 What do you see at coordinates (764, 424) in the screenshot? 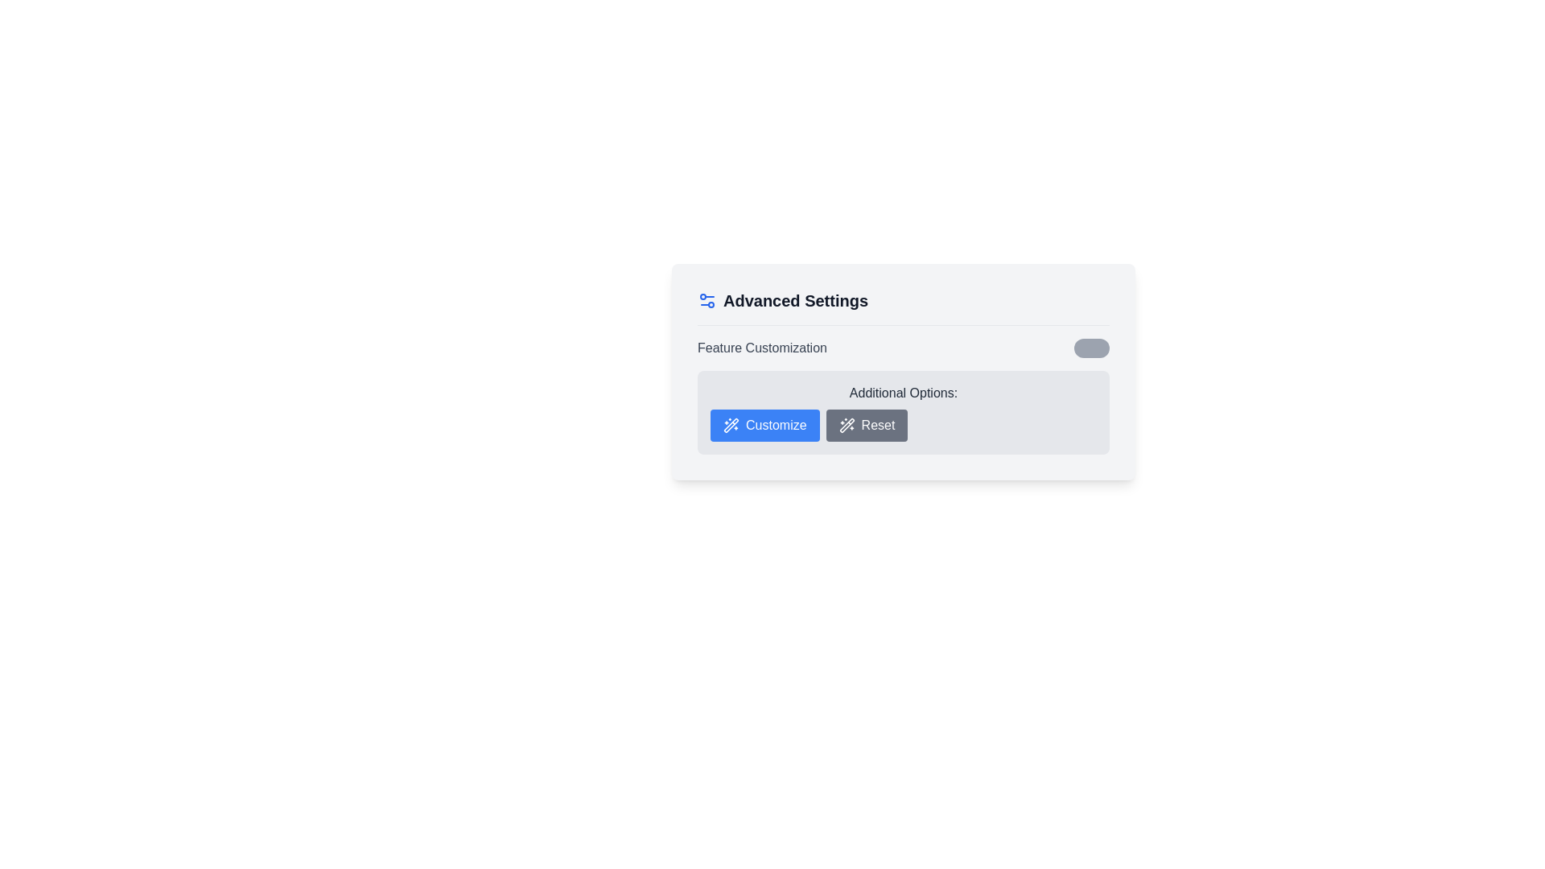
I see `the 'Customize' button, which is a blue rectangular button with white text and a wand icon, located in the 'Advanced Settings' section` at bounding box center [764, 424].